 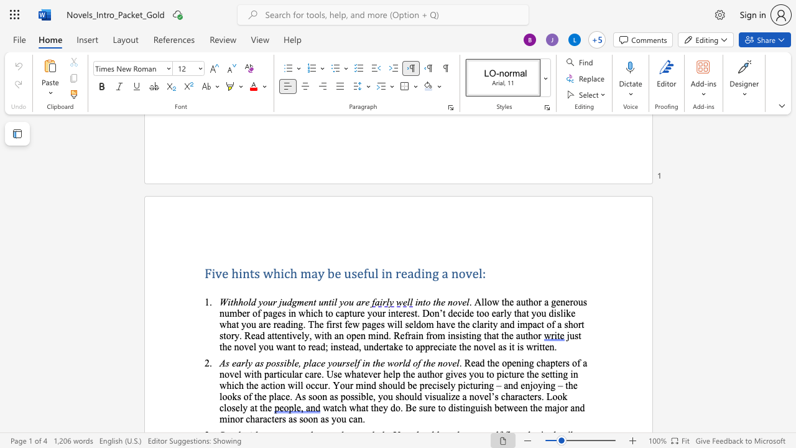 I want to click on the space between the continuous character "i" and "l" in the text, so click(x=334, y=302).